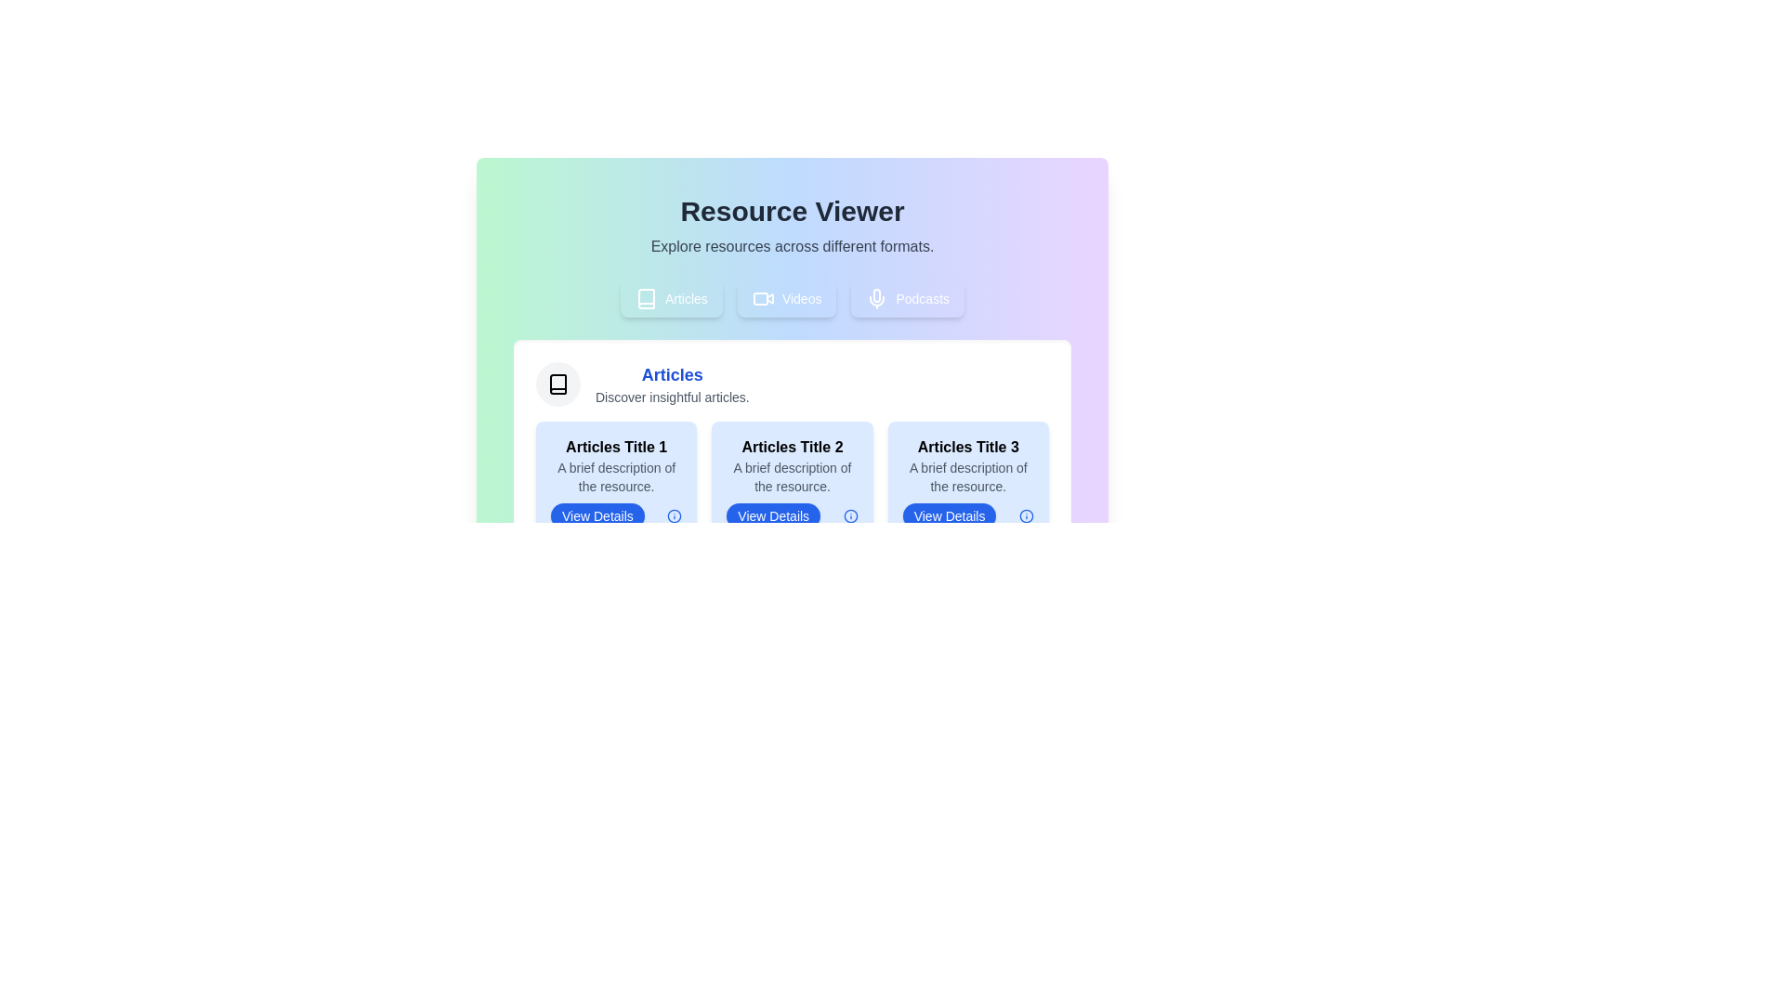  Describe the element at coordinates (967, 515) in the screenshot. I see `the third 'View Details' button located at the bottom-right of the card for 'Articles Title 3'` at that location.